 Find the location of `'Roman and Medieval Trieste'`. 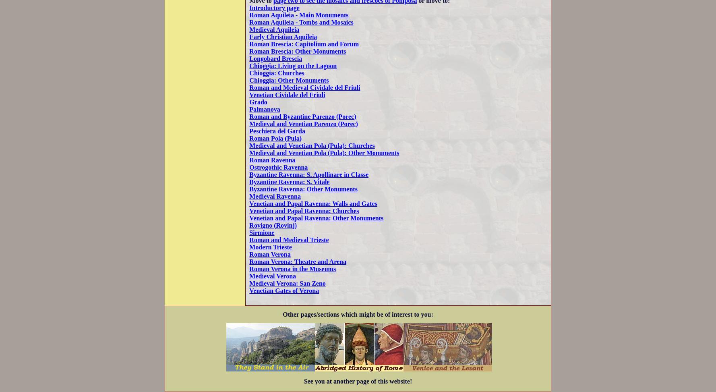

'Roman and Medieval Trieste' is located at coordinates (288, 239).